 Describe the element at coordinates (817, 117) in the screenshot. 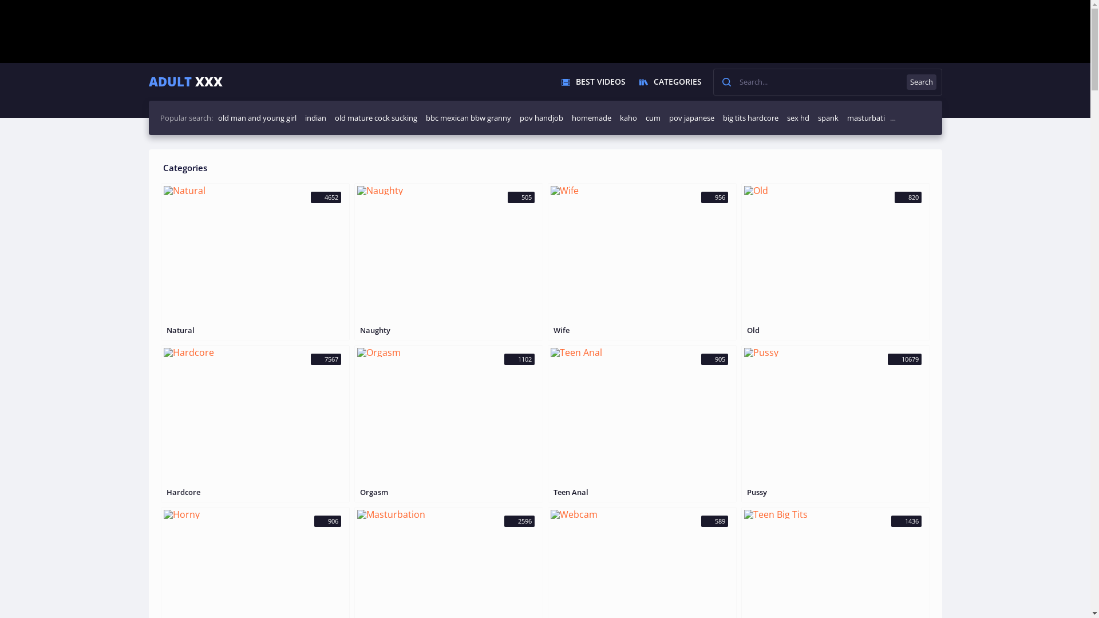

I see `'spank'` at that location.